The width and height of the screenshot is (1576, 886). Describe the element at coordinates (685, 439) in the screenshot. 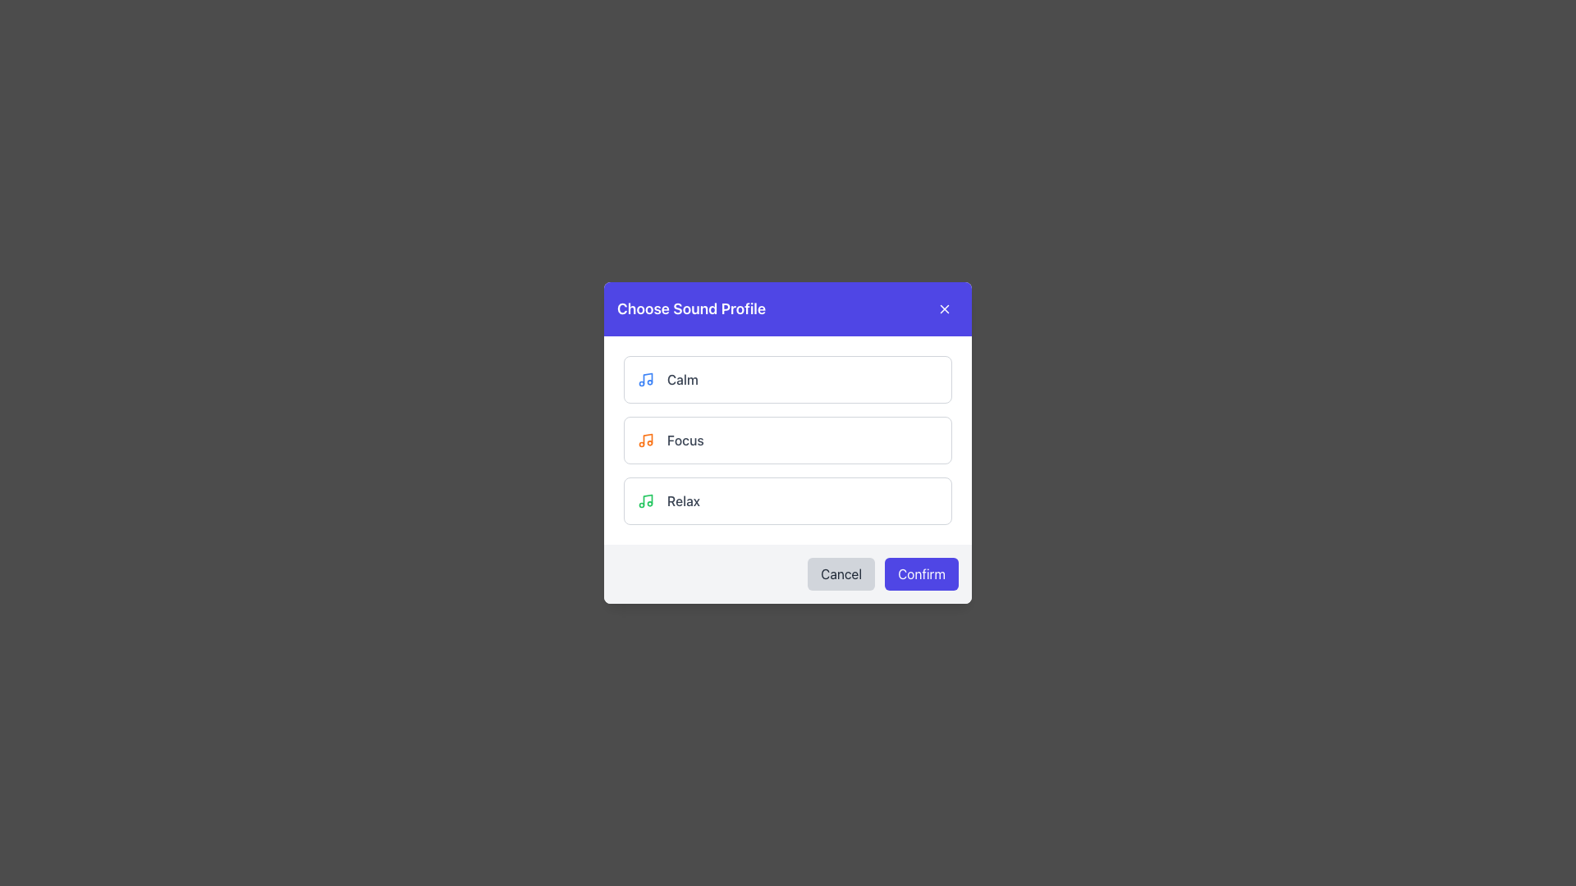

I see `the text label displaying the word 'Focus', which is in a medium gray font and is located in the second option row of the sound profiles list, next to an orange musical note icon` at that location.